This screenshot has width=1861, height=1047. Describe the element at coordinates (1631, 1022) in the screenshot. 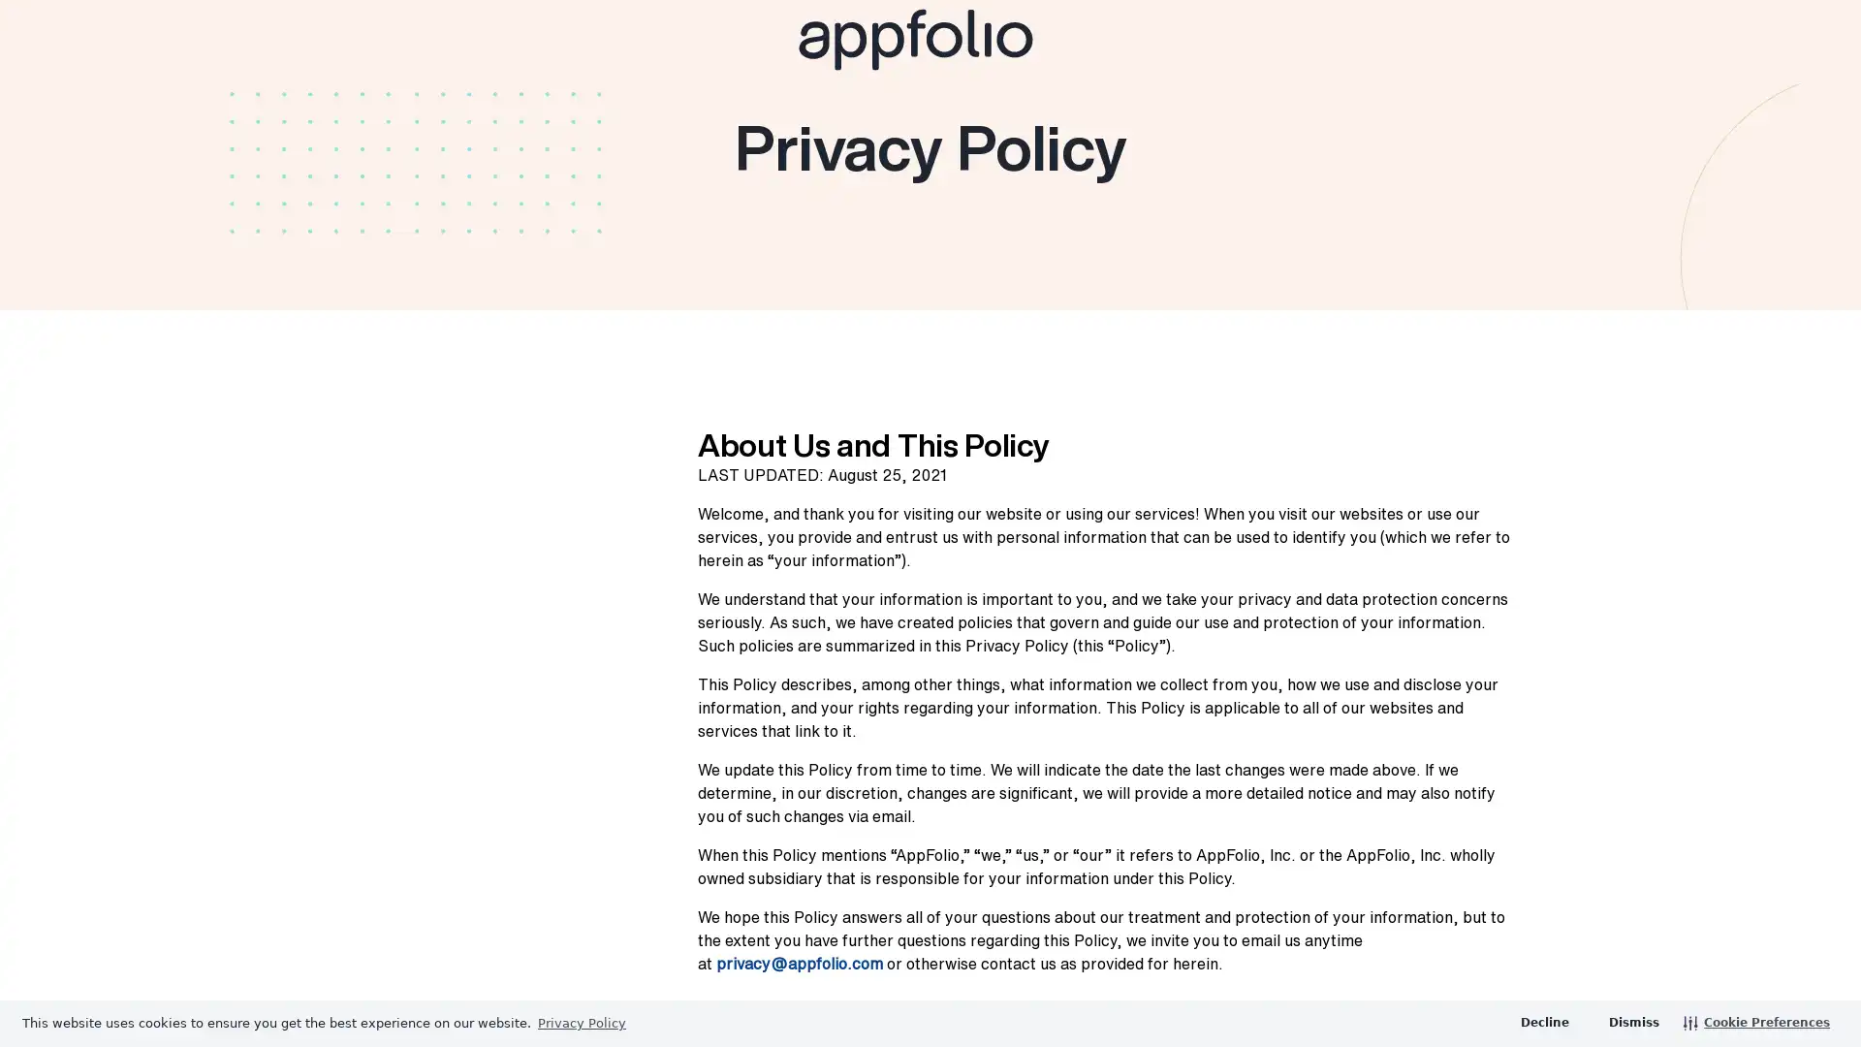

I see `dismiss cookie message` at that location.